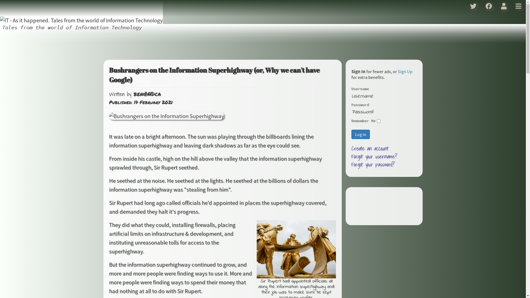 This screenshot has height=298, width=530. Describe the element at coordinates (374, 156) in the screenshot. I see `'Forgot your username?'` at that location.